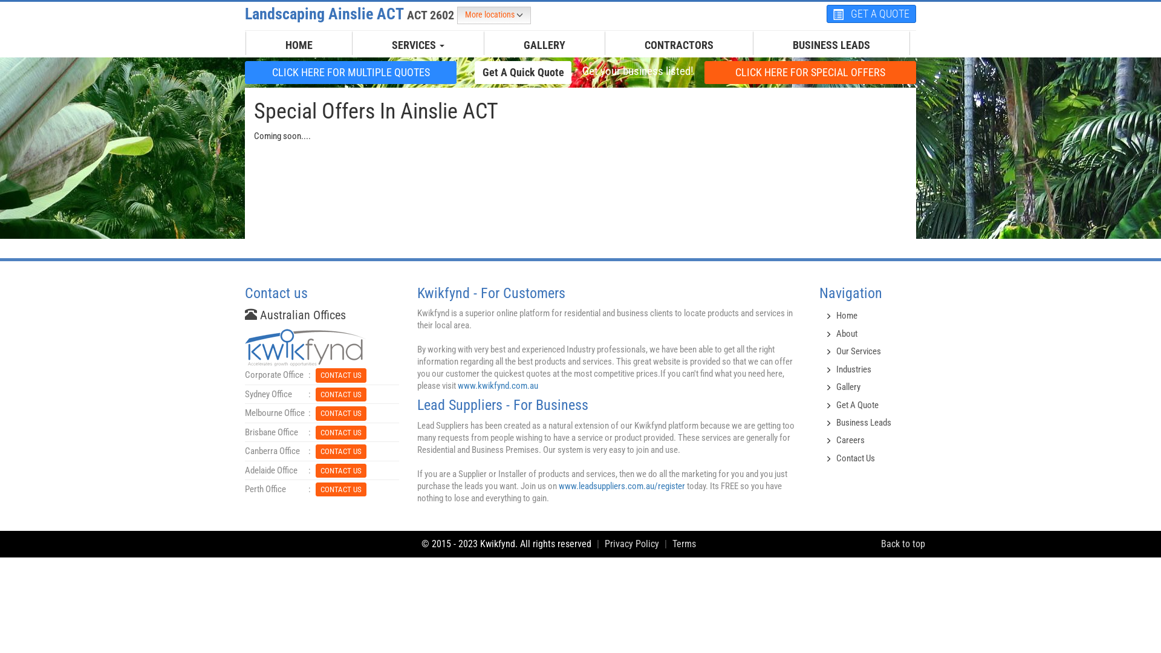 This screenshot has width=1161, height=653. What do you see at coordinates (858, 351) in the screenshot?
I see `'Our Services'` at bounding box center [858, 351].